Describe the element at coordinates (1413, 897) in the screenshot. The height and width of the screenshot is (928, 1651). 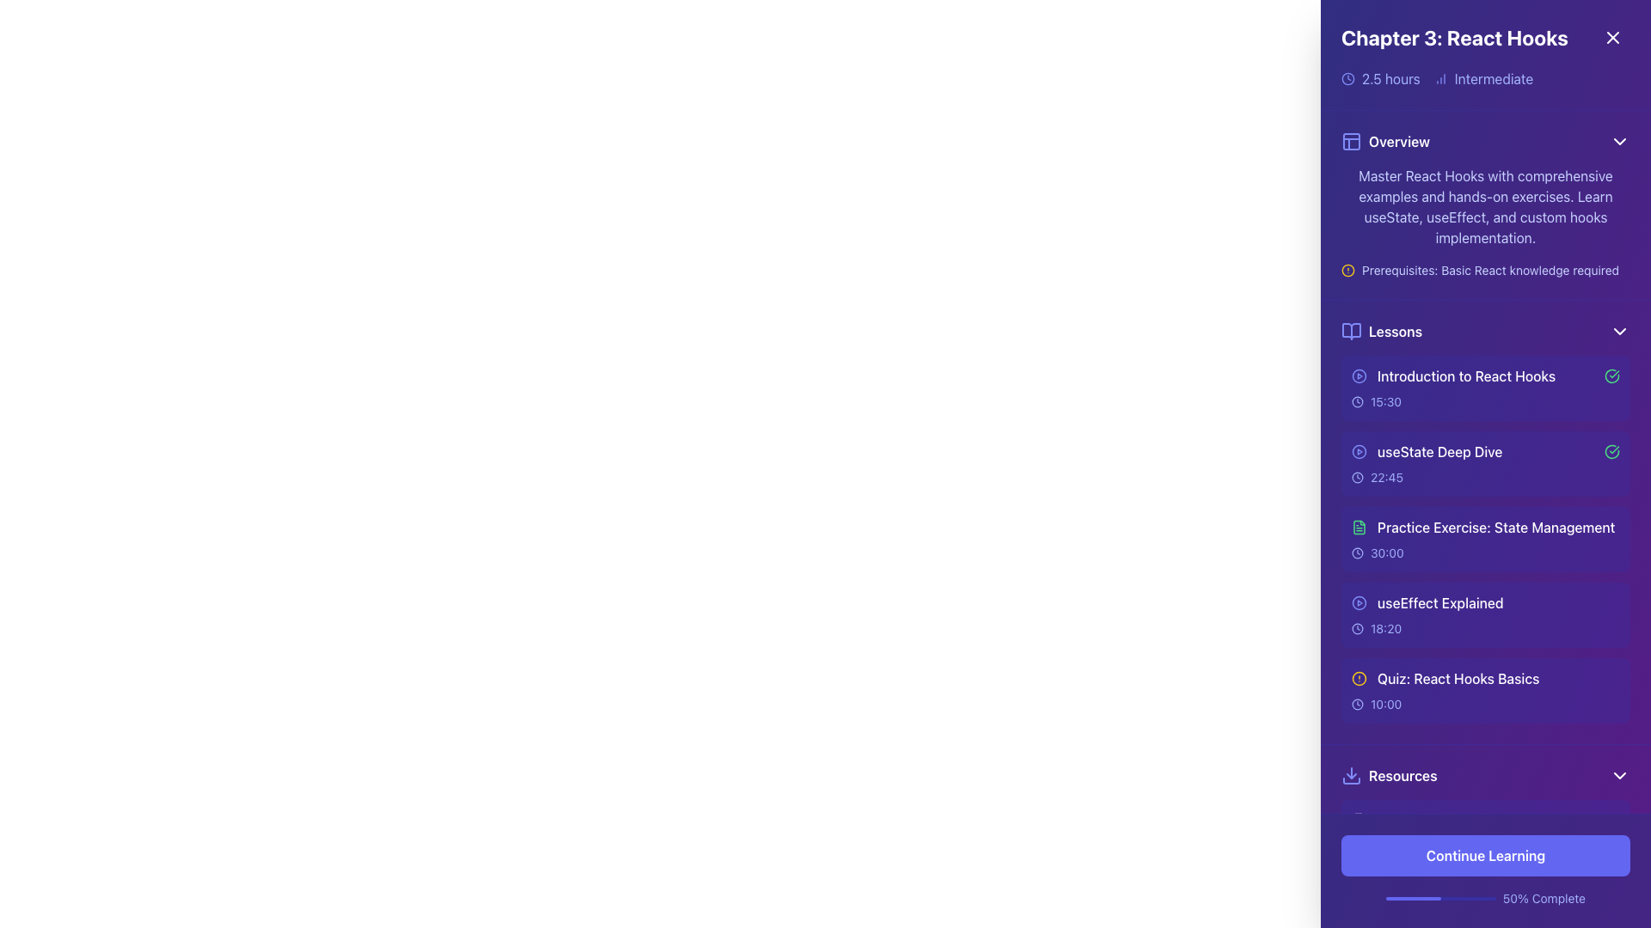
I see `the left half of the progress bar segment, which is a light-indigo filled rounded rectangle positioned within a darker indigo bar` at that location.